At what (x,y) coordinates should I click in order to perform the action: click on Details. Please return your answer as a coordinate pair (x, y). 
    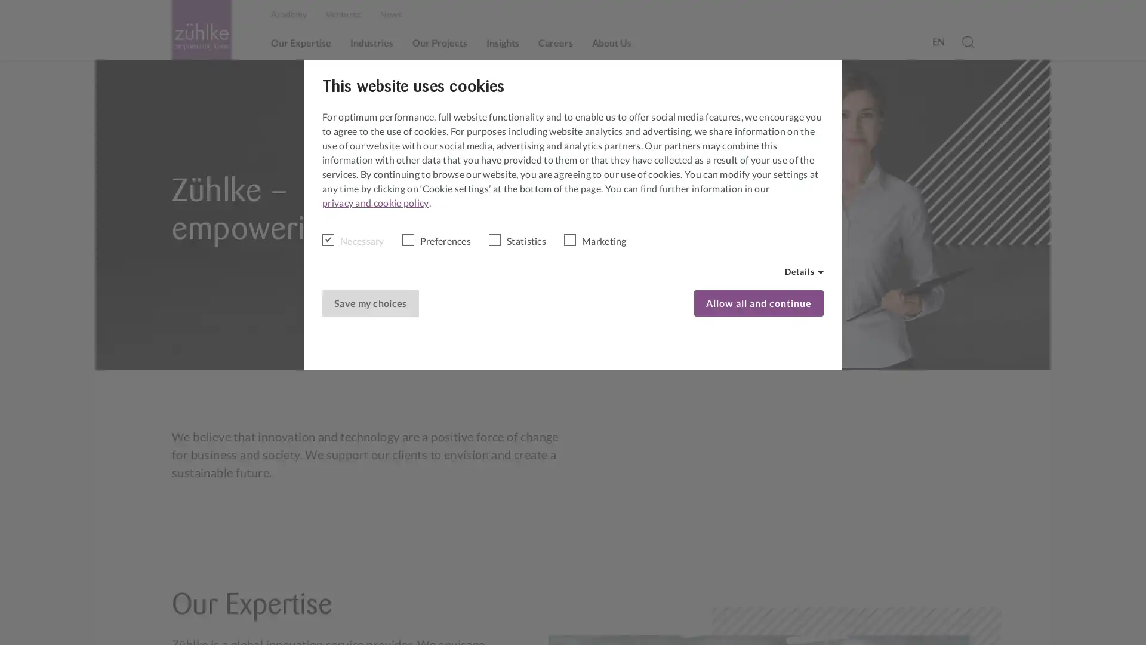
    Looking at the image, I should click on (804, 272).